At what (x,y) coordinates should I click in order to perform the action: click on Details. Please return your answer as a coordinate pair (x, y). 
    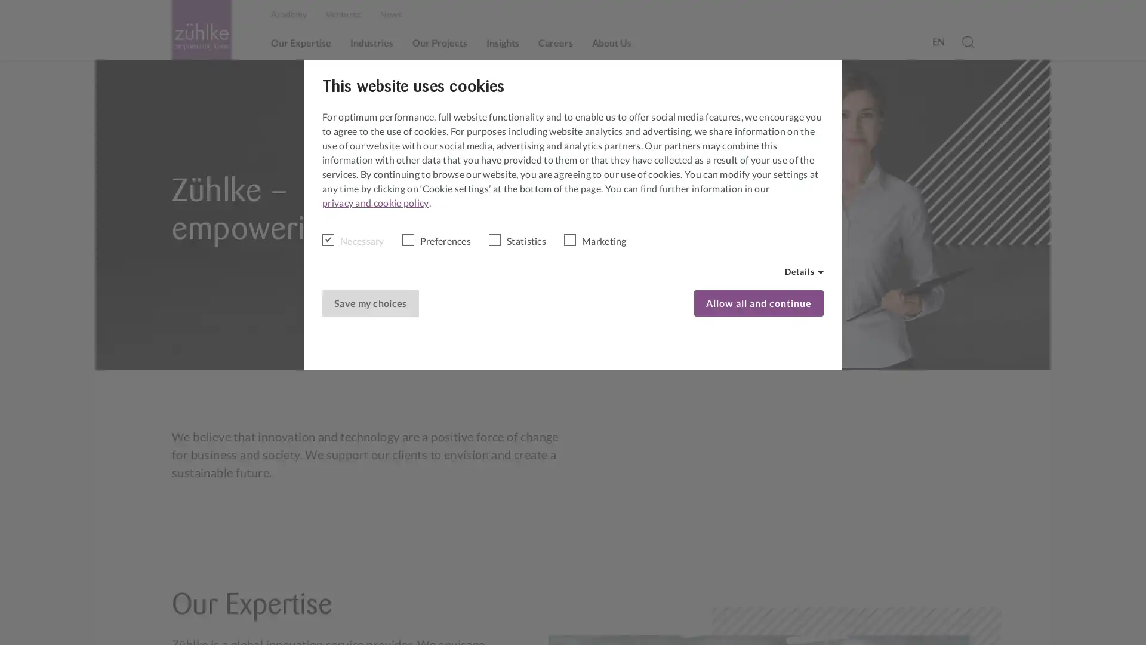
    Looking at the image, I should click on (804, 272).